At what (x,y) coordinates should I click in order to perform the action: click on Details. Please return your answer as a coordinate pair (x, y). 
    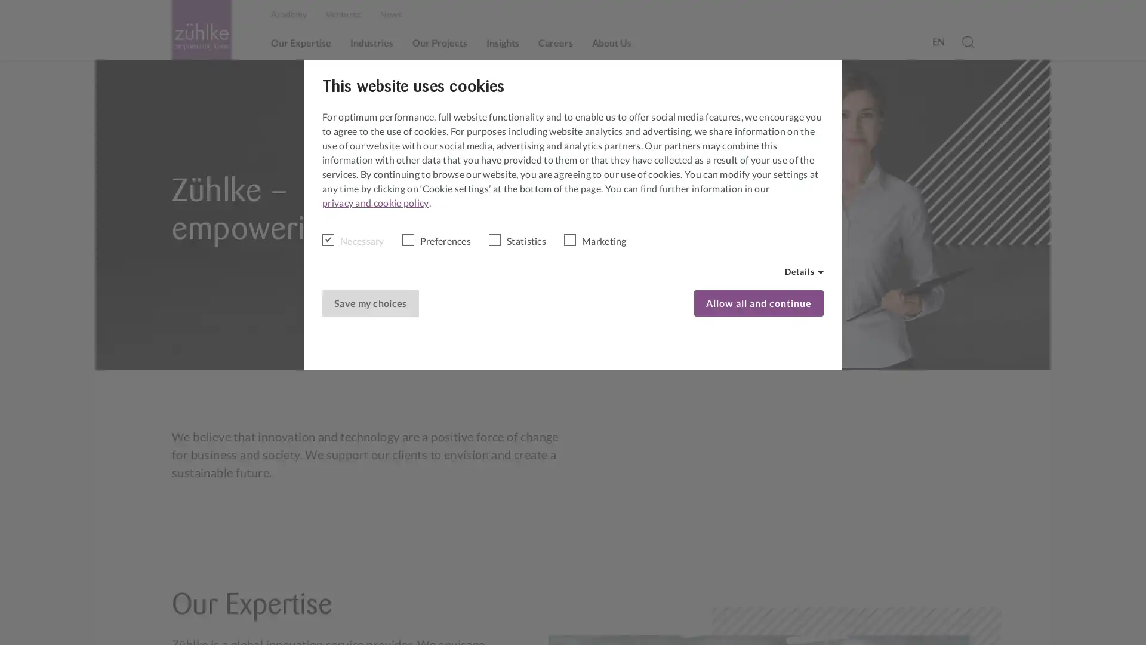
    Looking at the image, I should click on (804, 272).